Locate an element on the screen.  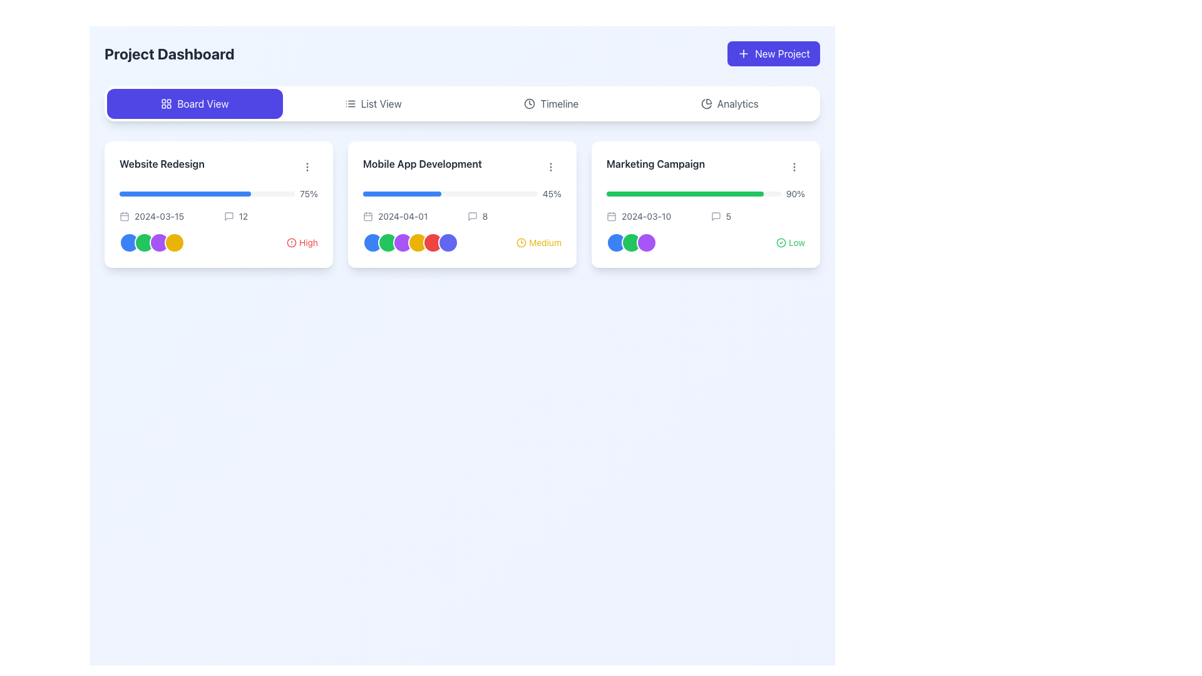
the static text element indicating the due date '2024-03-10' in the fourth column of the third card in the 'Marketing Campaign' section of the dashboard is located at coordinates (653, 216).